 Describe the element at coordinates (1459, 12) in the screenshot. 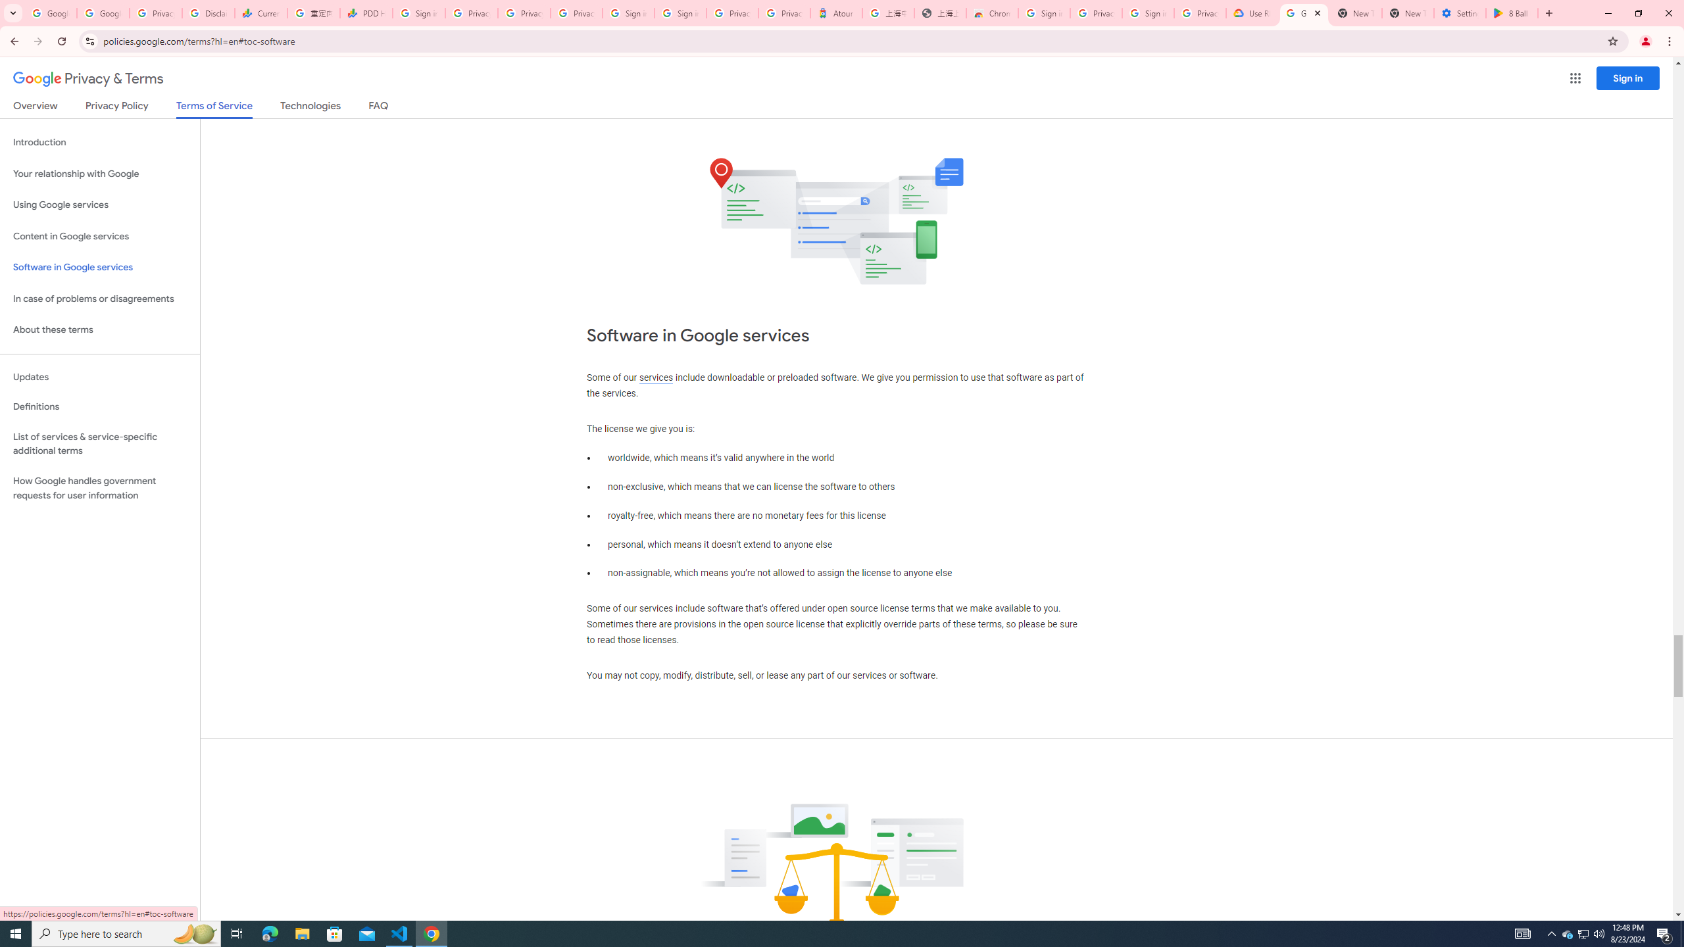

I see `'Settings - System'` at that location.